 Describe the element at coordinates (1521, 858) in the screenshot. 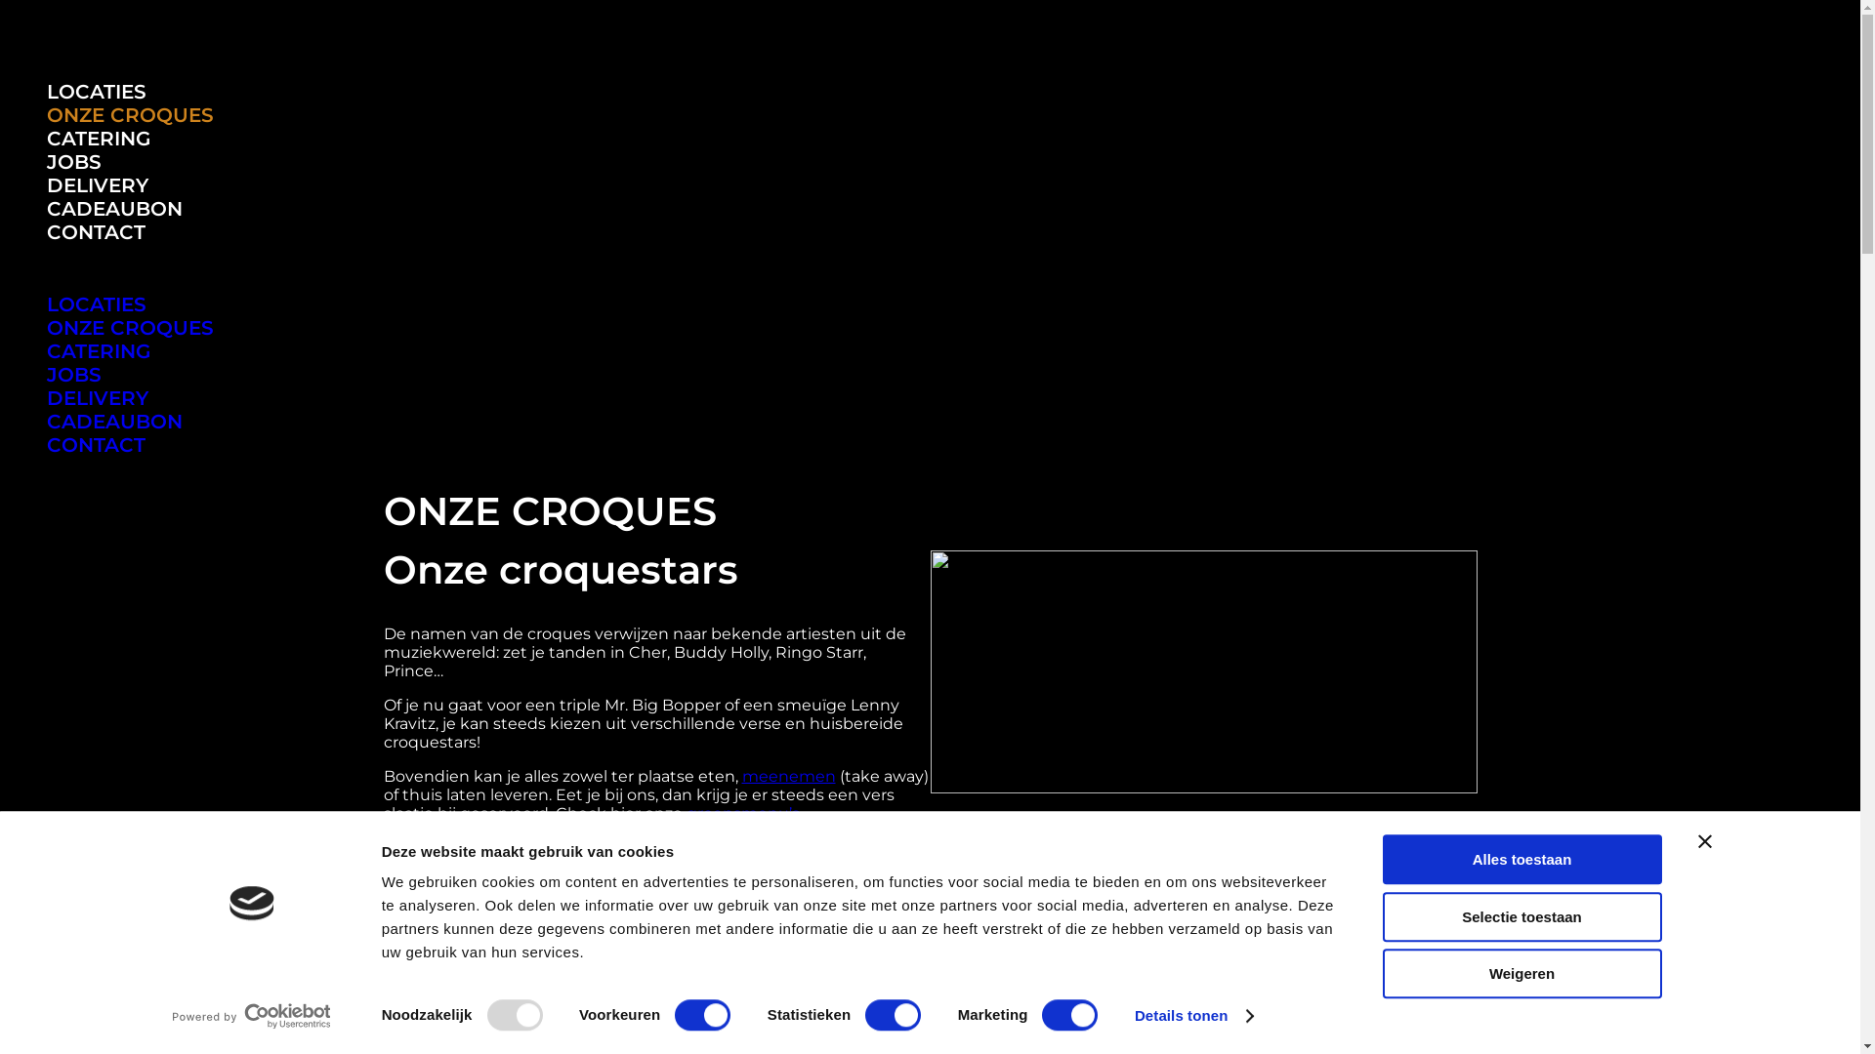

I see `'Alles toestaan'` at that location.